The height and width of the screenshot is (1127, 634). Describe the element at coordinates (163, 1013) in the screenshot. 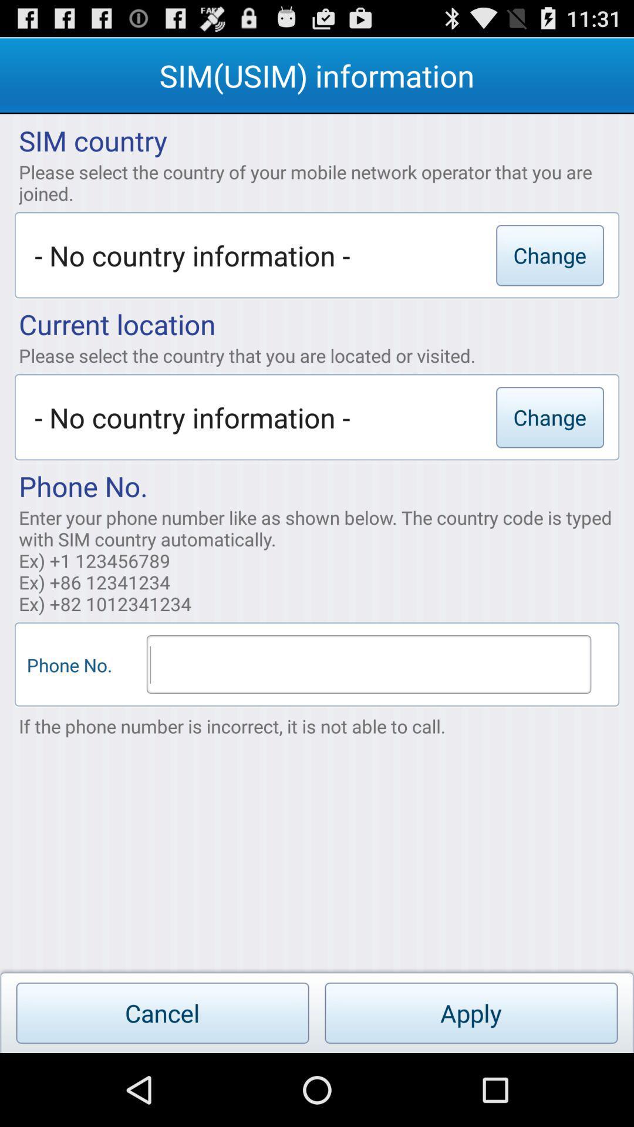

I see `the icon to the left of the apply` at that location.